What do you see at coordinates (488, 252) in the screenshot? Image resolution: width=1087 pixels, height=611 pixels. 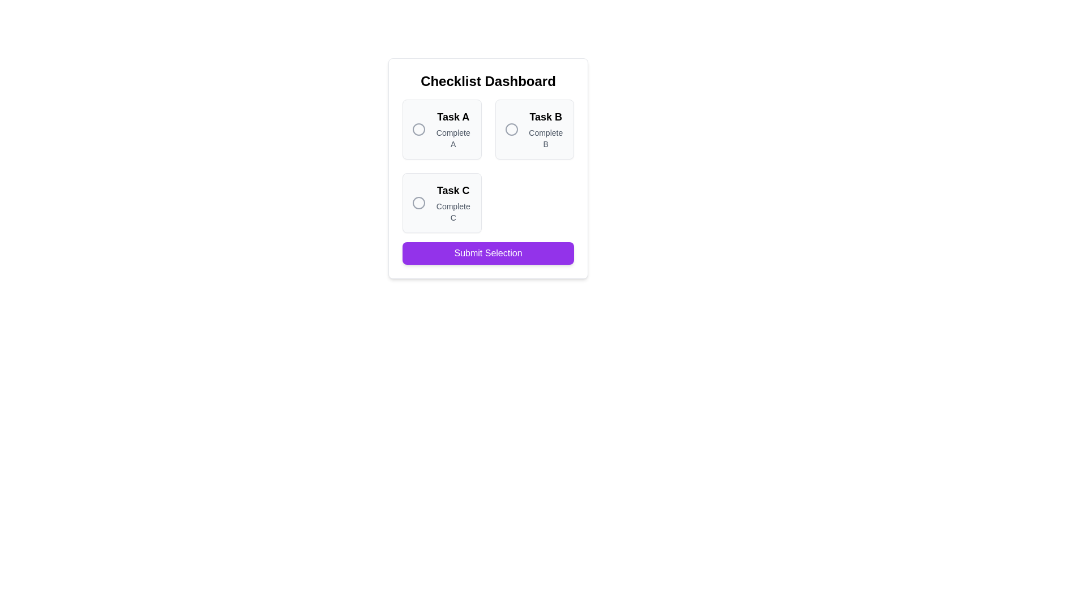 I see `the confirmation button located at the bottom of the 'Checklist Dashboard' card` at bounding box center [488, 252].